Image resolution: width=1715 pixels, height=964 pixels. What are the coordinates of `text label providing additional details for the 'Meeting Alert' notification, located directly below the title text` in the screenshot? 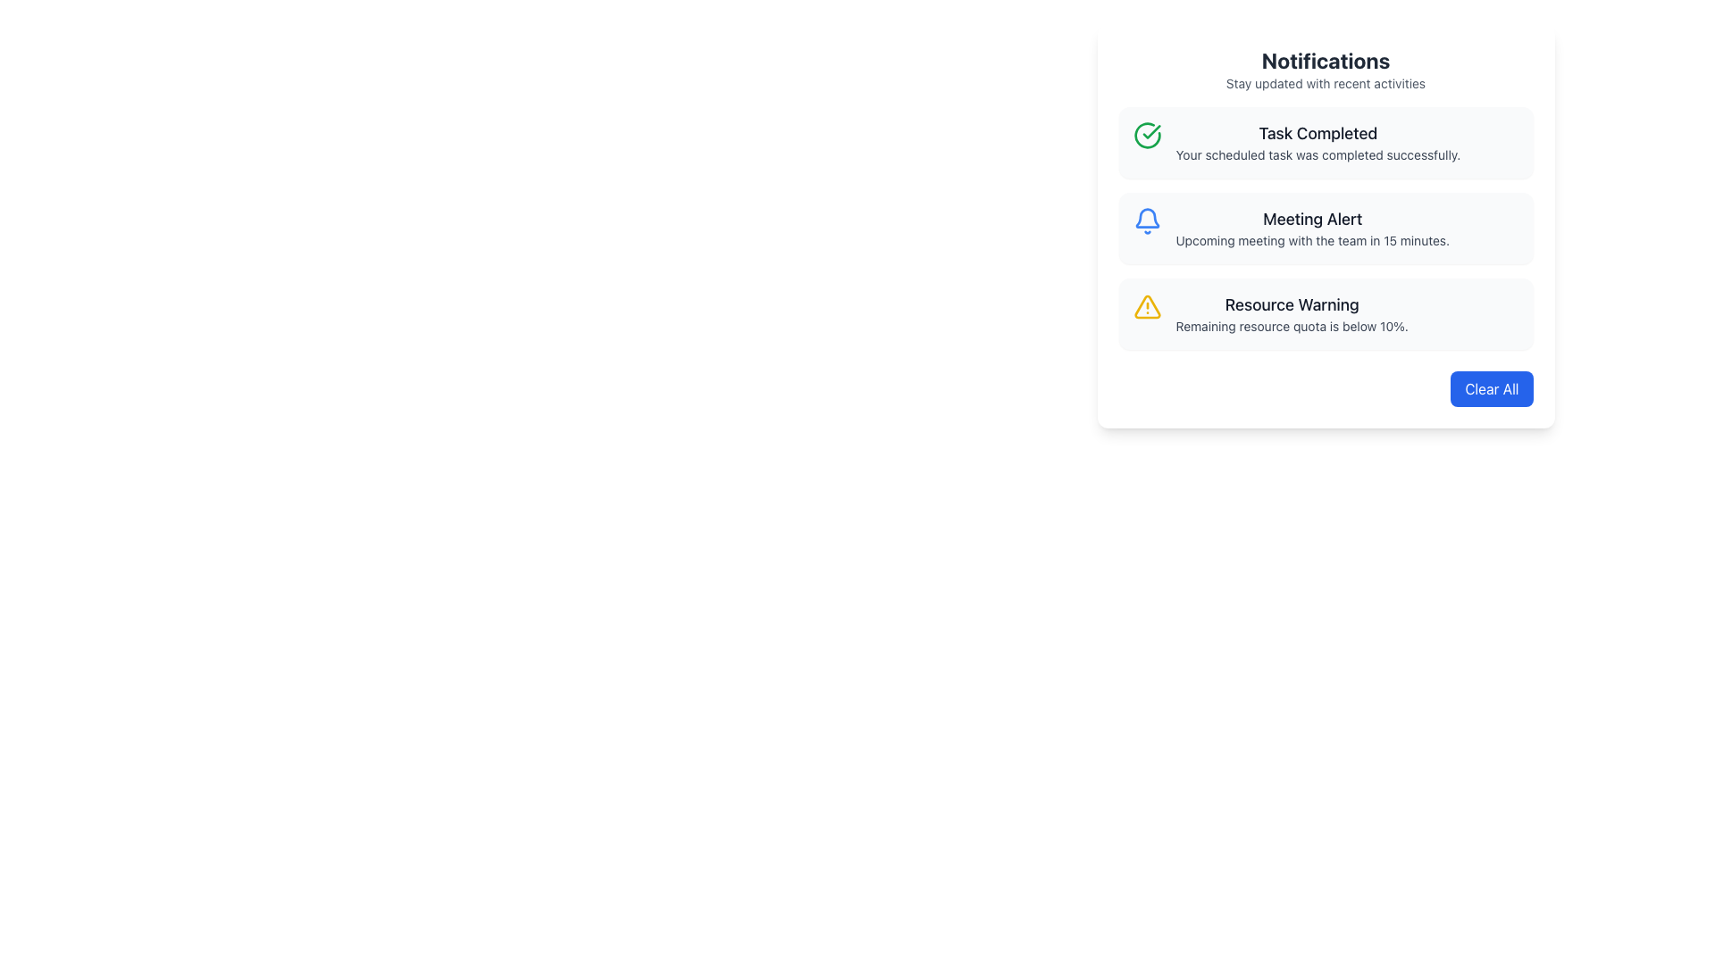 It's located at (1312, 241).